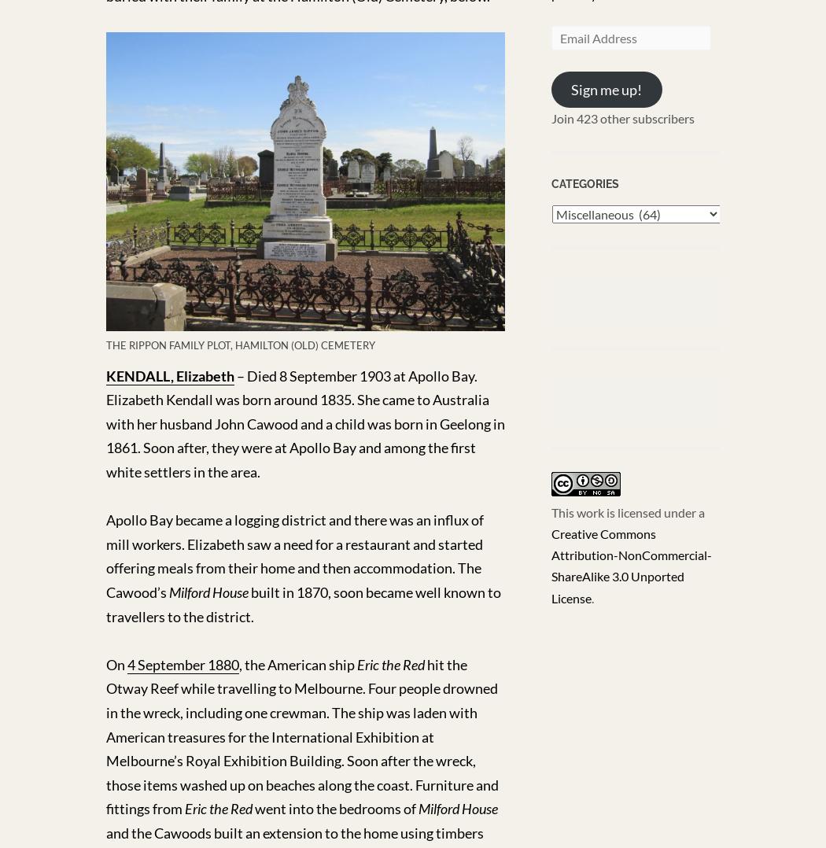 The image size is (826, 848). I want to click on 'Apollo Bay became a logging district and there was an influx of mill workers. Elizabeth saw a need for a restaurant and started offering meals from their home and then accommodation. The Cawood’s', so click(293, 555).